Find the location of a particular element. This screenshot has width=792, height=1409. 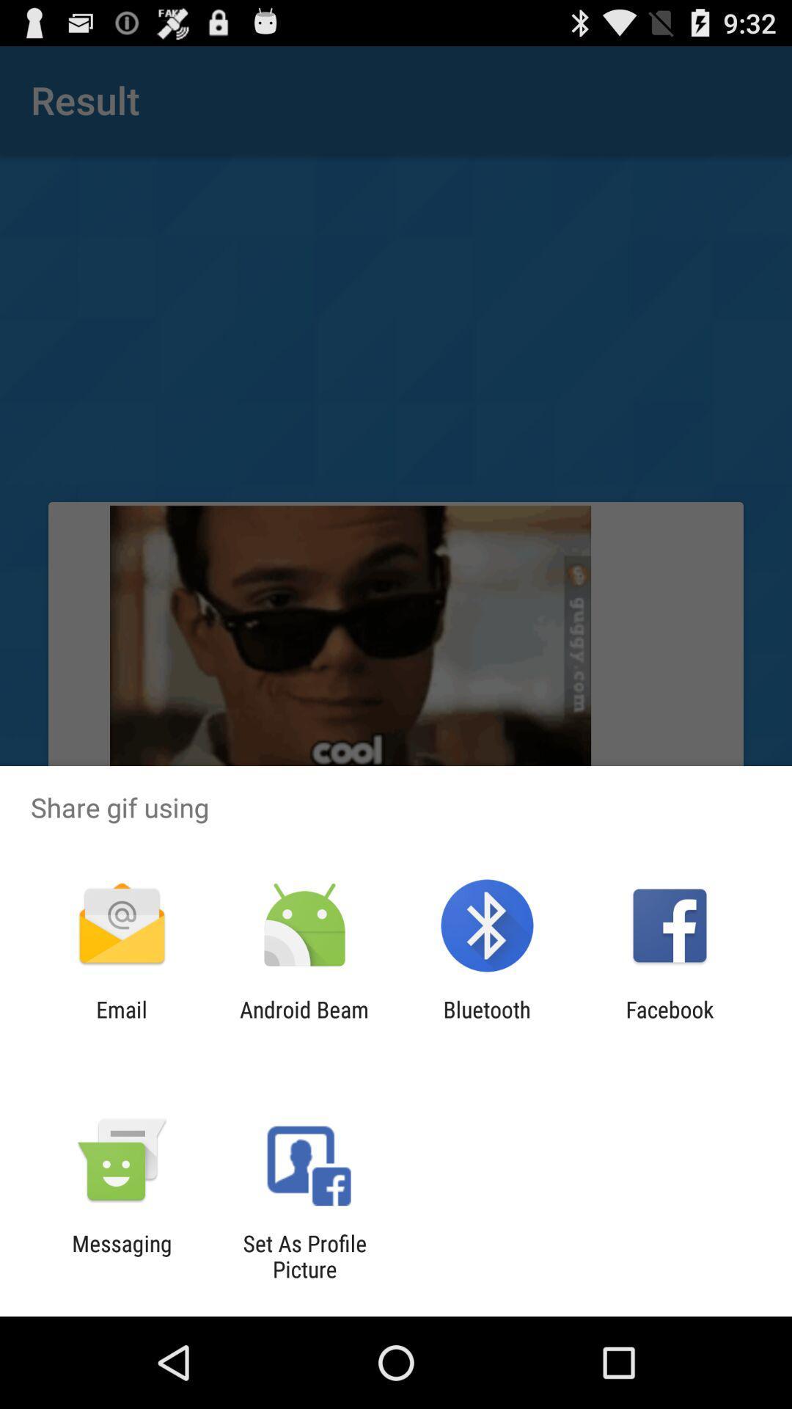

facebook is located at coordinates (670, 1022).